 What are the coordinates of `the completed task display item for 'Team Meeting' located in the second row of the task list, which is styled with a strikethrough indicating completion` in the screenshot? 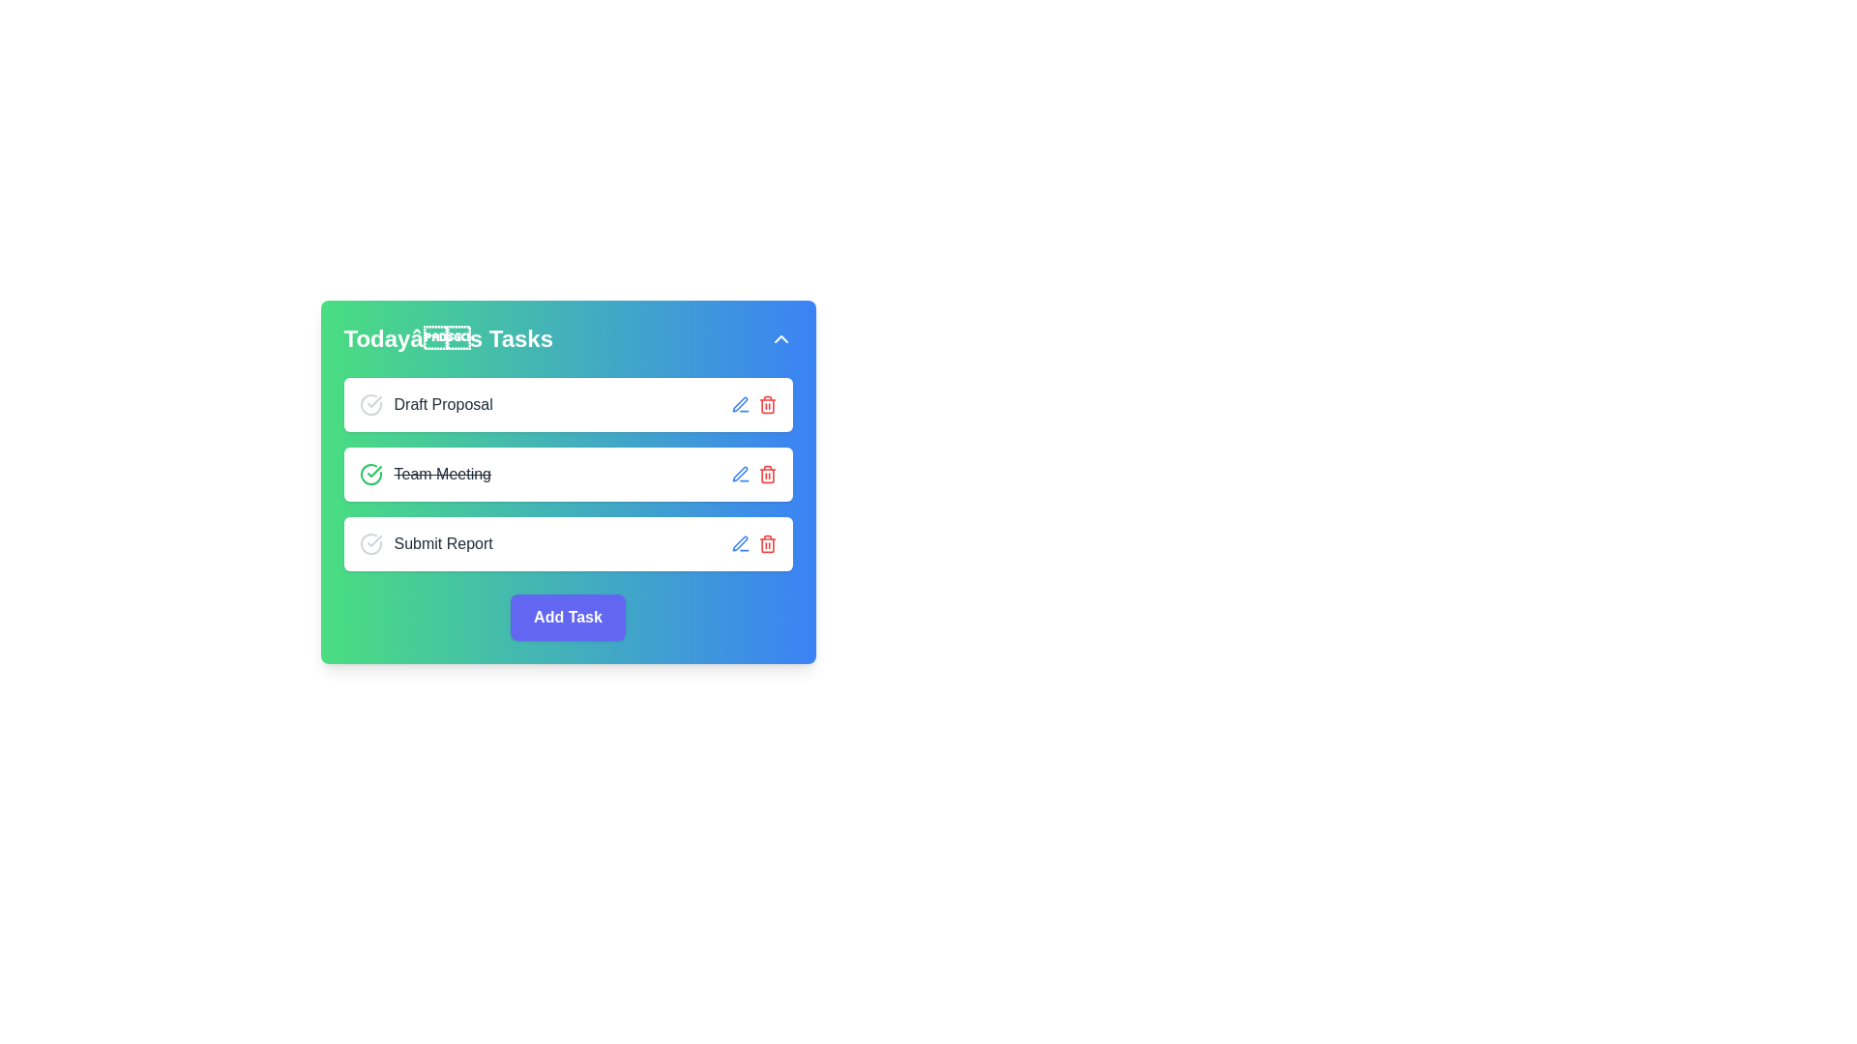 It's located at (424, 474).